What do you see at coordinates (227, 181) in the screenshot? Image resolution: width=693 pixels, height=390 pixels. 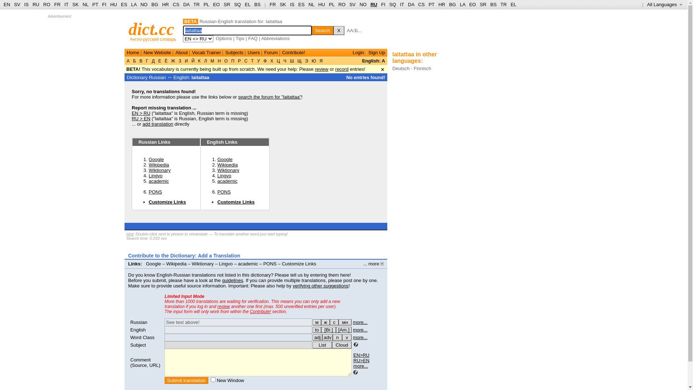 I see `'academic'` at bounding box center [227, 181].